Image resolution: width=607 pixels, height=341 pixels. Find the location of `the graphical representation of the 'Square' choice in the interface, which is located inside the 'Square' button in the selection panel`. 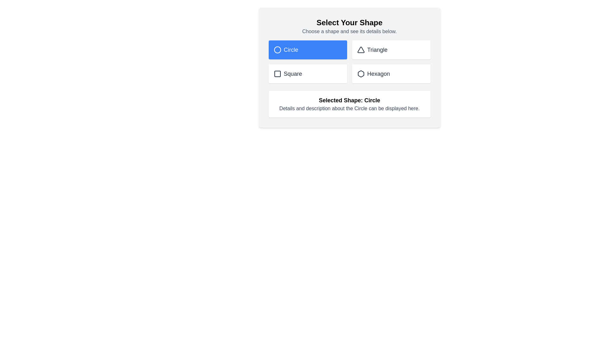

the graphical representation of the 'Square' choice in the interface, which is located inside the 'Square' button in the selection panel is located at coordinates (277, 74).